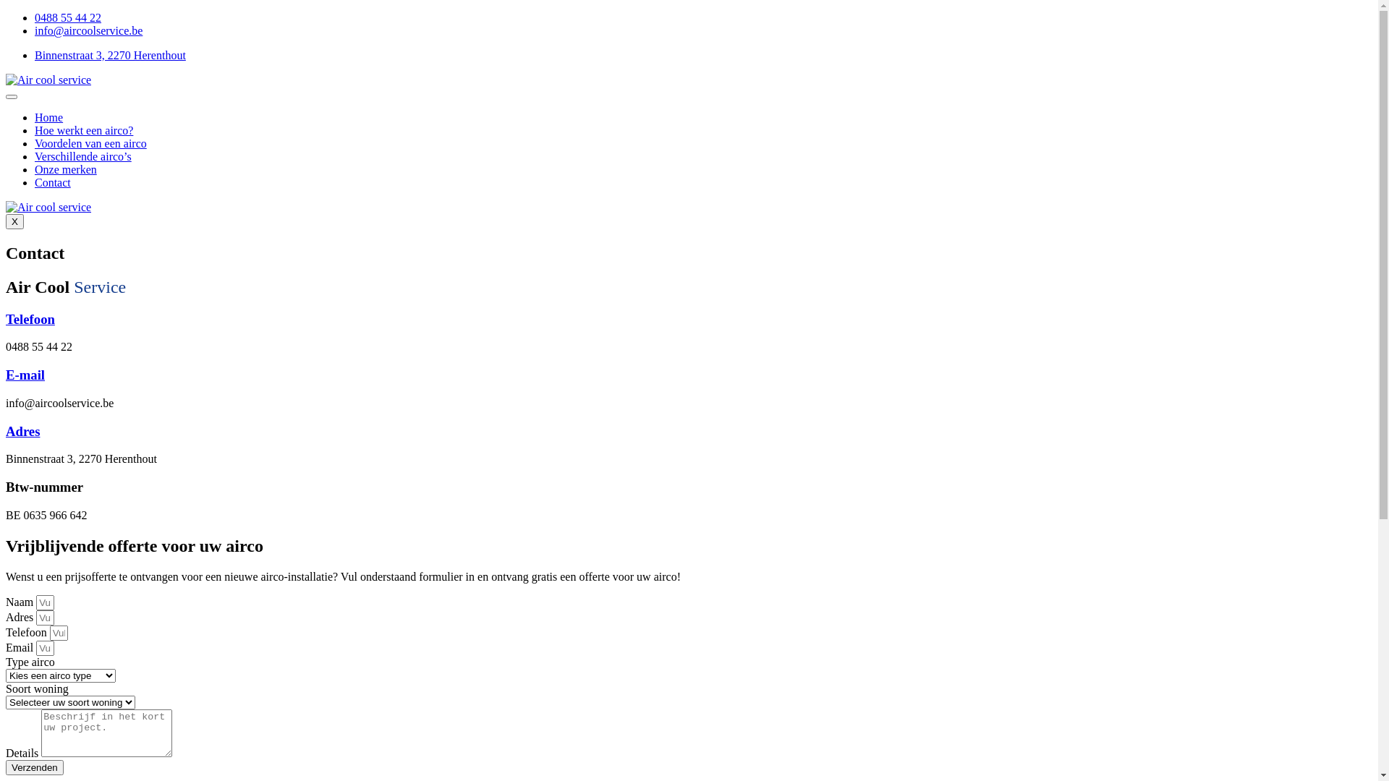  I want to click on 'Contact', so click(52, 182).